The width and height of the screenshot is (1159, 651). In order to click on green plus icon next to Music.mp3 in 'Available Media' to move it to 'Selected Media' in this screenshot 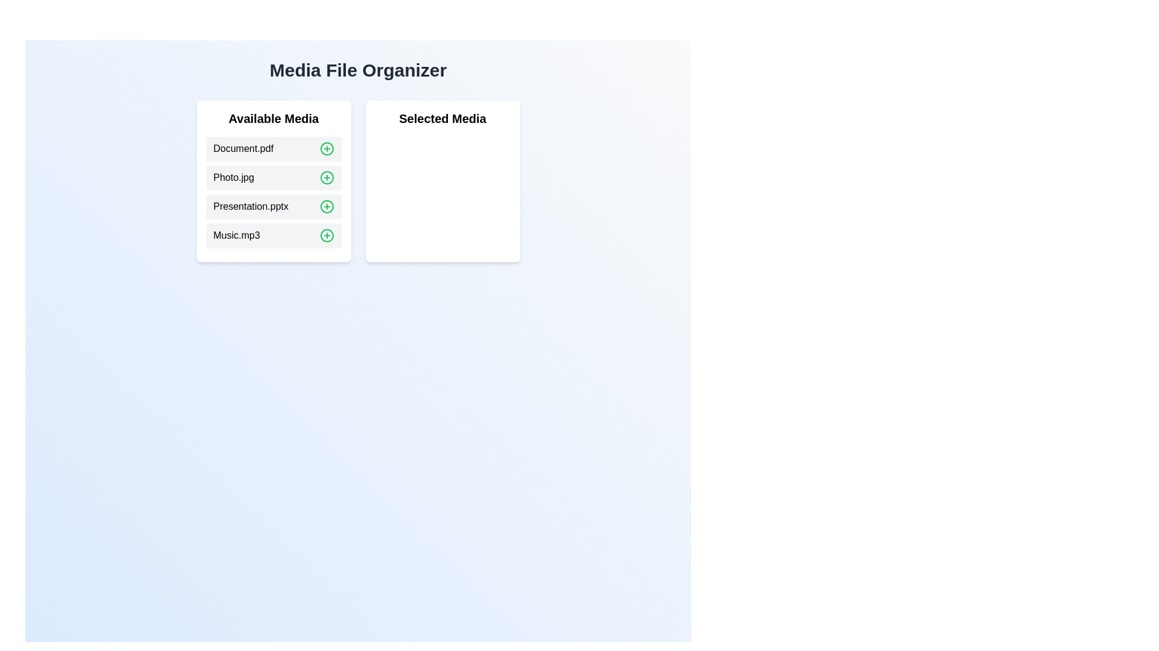, I will do `click(327, 235)`.